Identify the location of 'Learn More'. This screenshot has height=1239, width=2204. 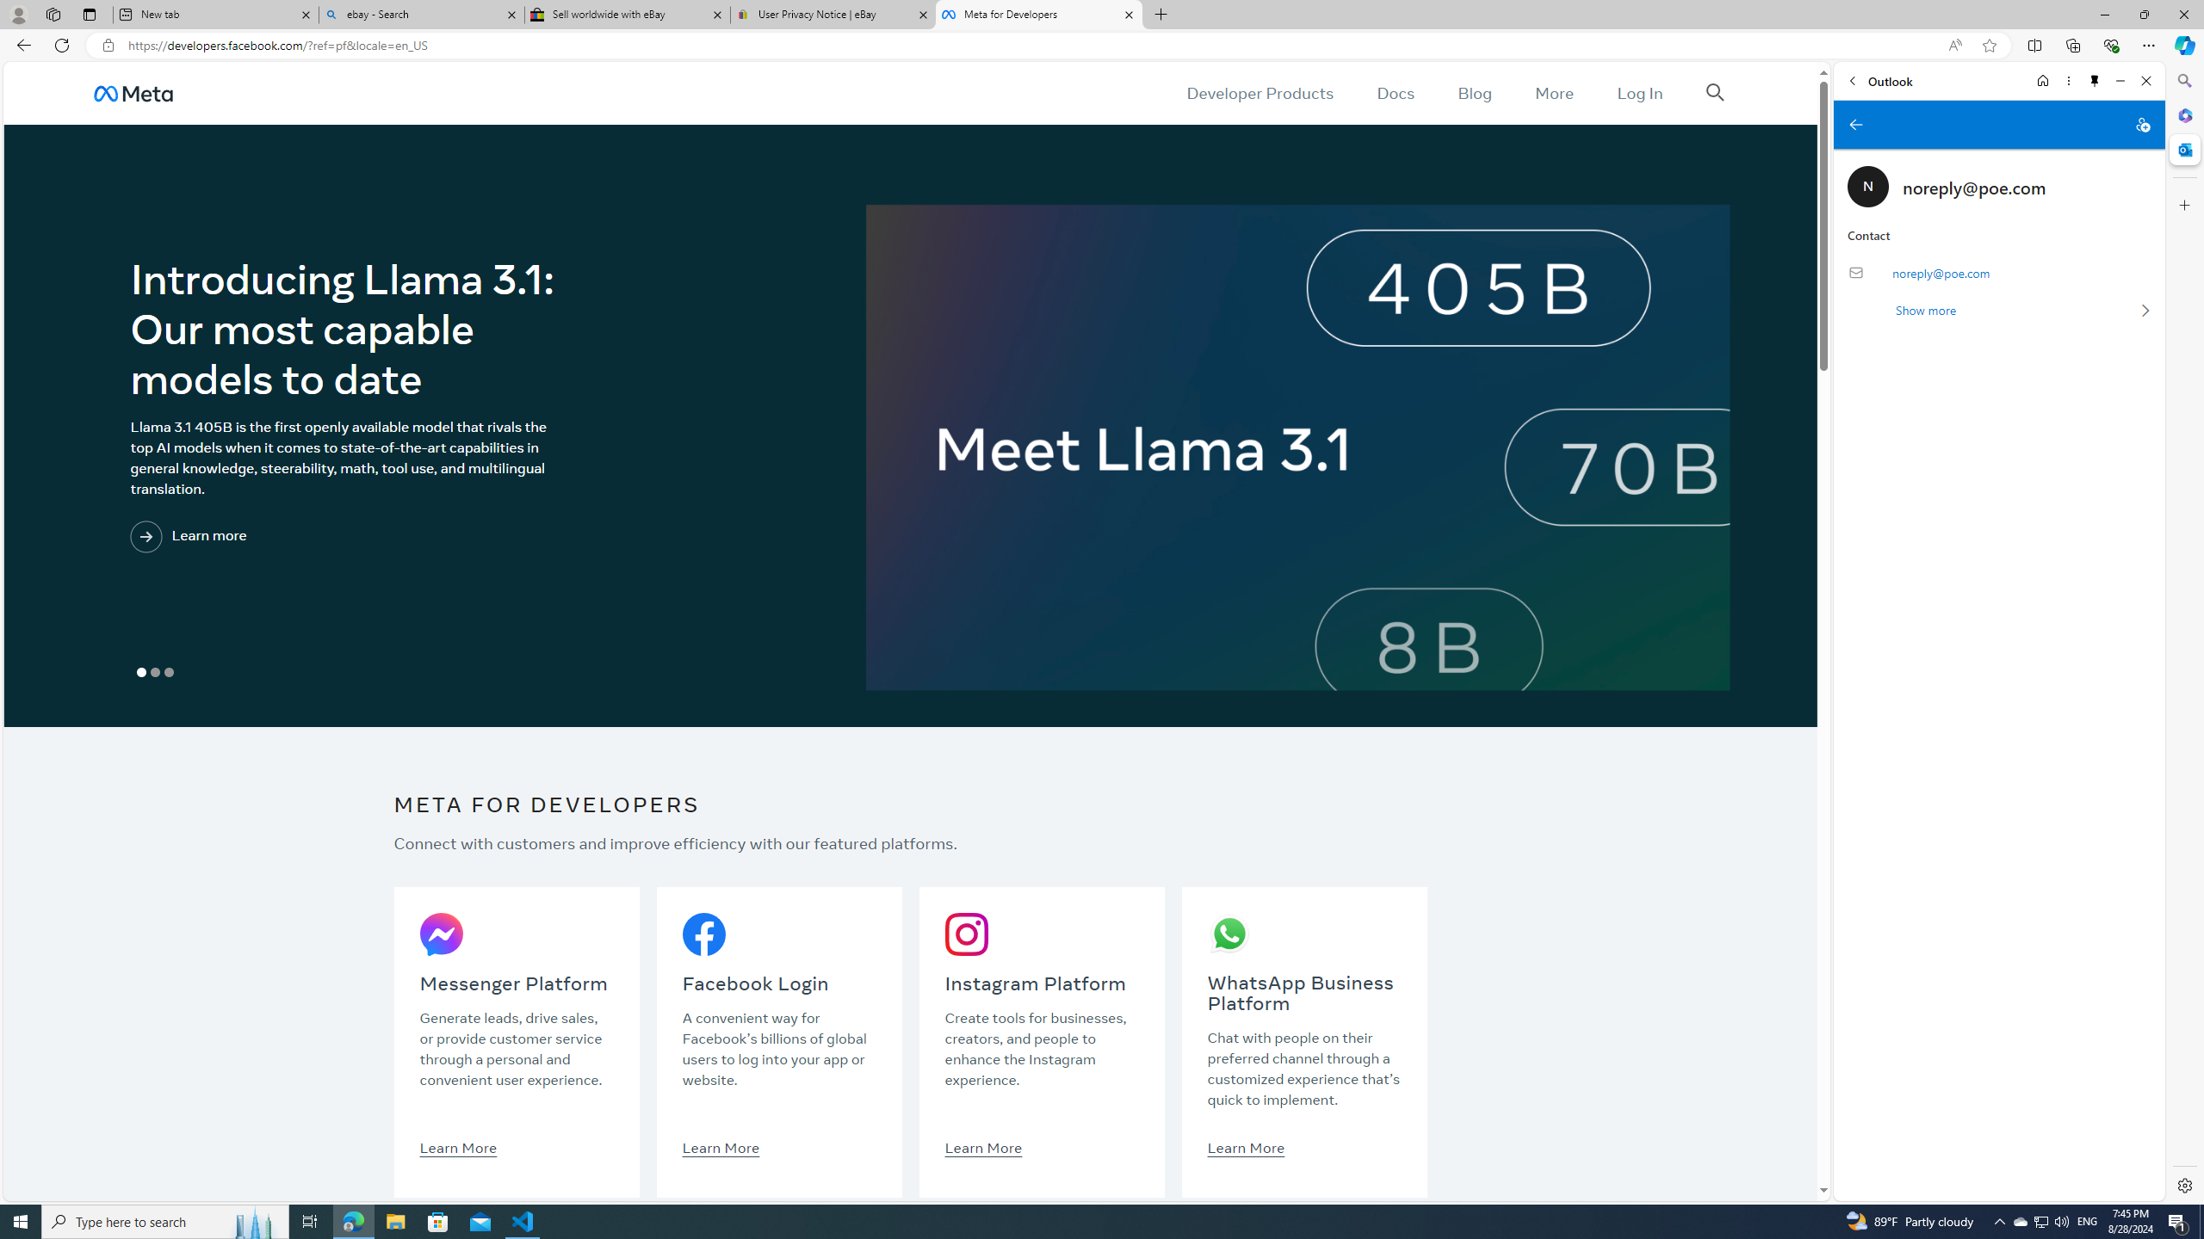
(1246, 1146).